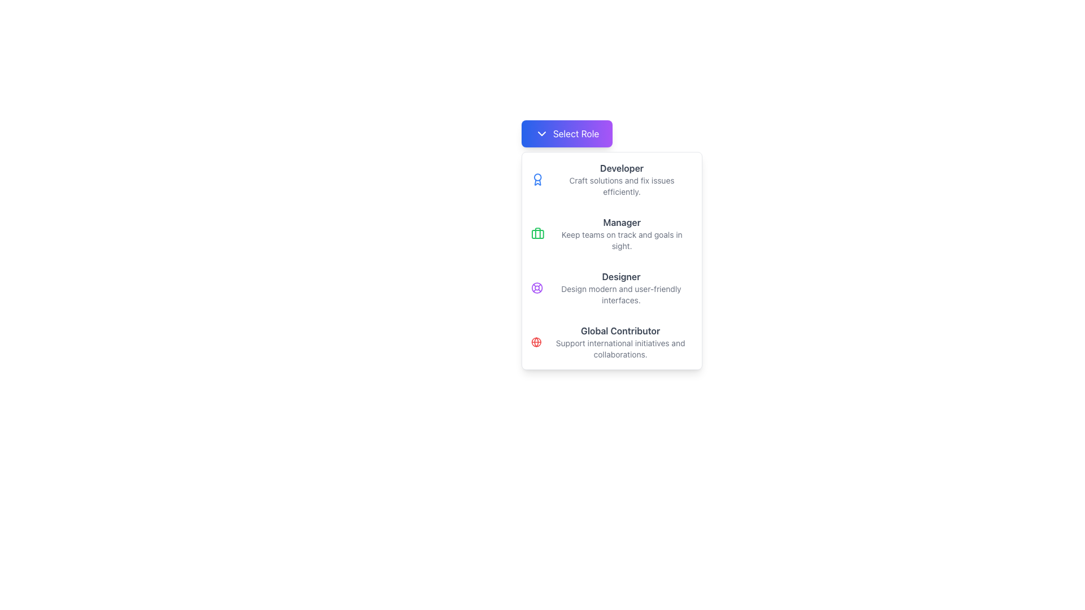 This screenshot has height=610, width=1085. What do you see at coordinates (621, 239) in the screenshot?
I see `the static text that describes the responsibilities and focus of the 'Manager' role, located as the second line under the 'Manager' category in the role selection list` at bounding box center [621, 239].